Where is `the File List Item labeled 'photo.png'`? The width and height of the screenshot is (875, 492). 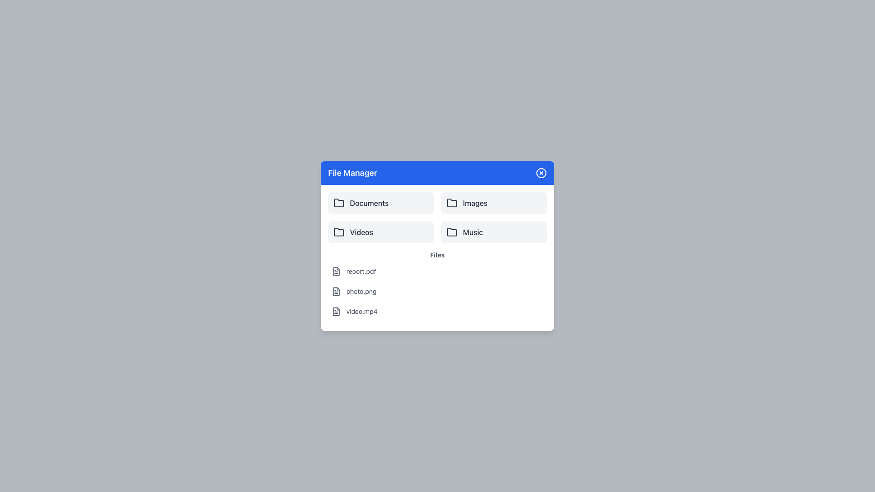
the File List Item labeled 'photo.png' is located at coordinates (437, 292).